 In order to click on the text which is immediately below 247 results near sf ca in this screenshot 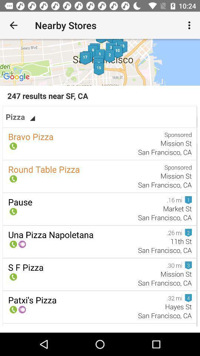, I will do `click(20, 116)`.